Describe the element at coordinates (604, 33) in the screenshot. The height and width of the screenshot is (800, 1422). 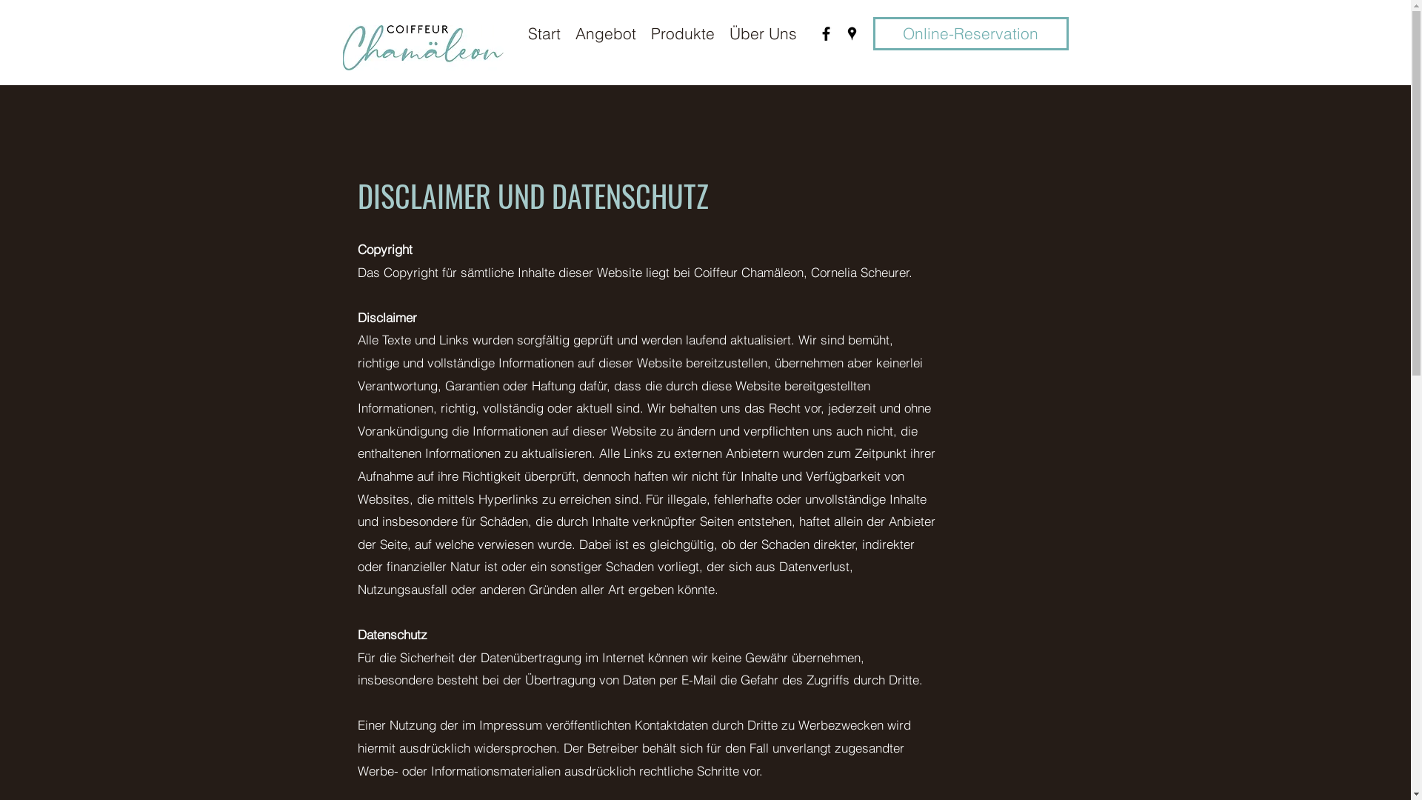
I see `'Angebot'` at that location.